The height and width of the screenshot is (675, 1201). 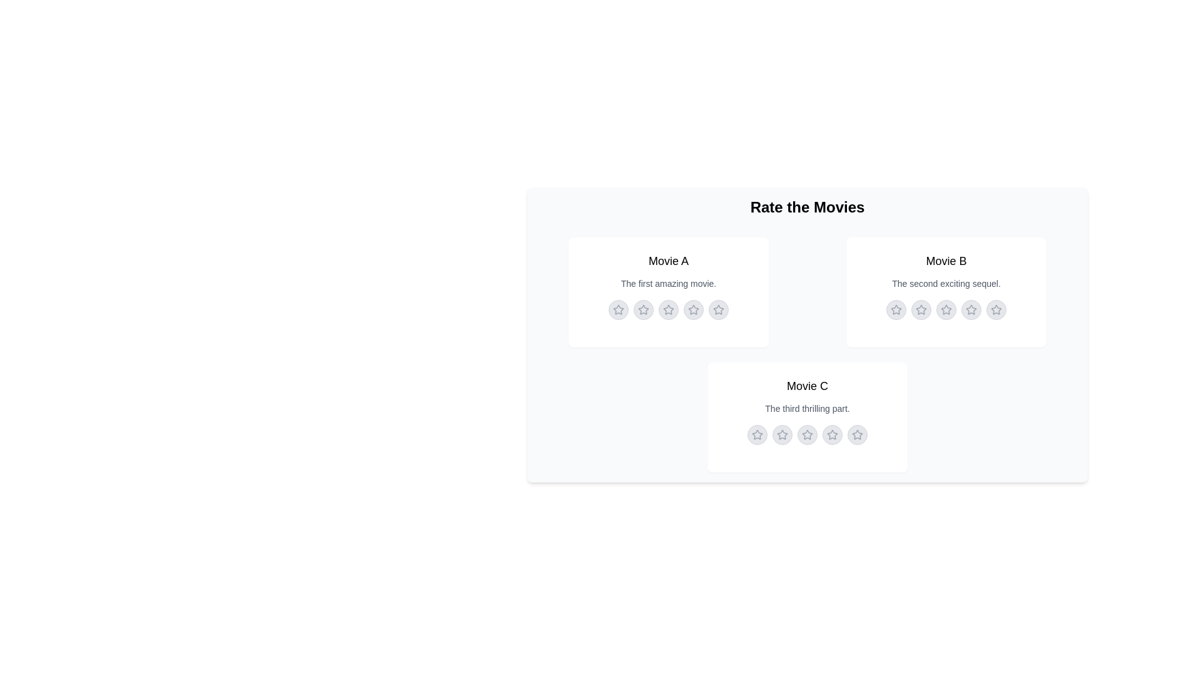 What do you see at coordinates (996, 309) in the screenshot?
I see `the fifth star icon in the rating system under 'Movie B' in the 'Rate the Movies' section` at bounding box center [996, 309].